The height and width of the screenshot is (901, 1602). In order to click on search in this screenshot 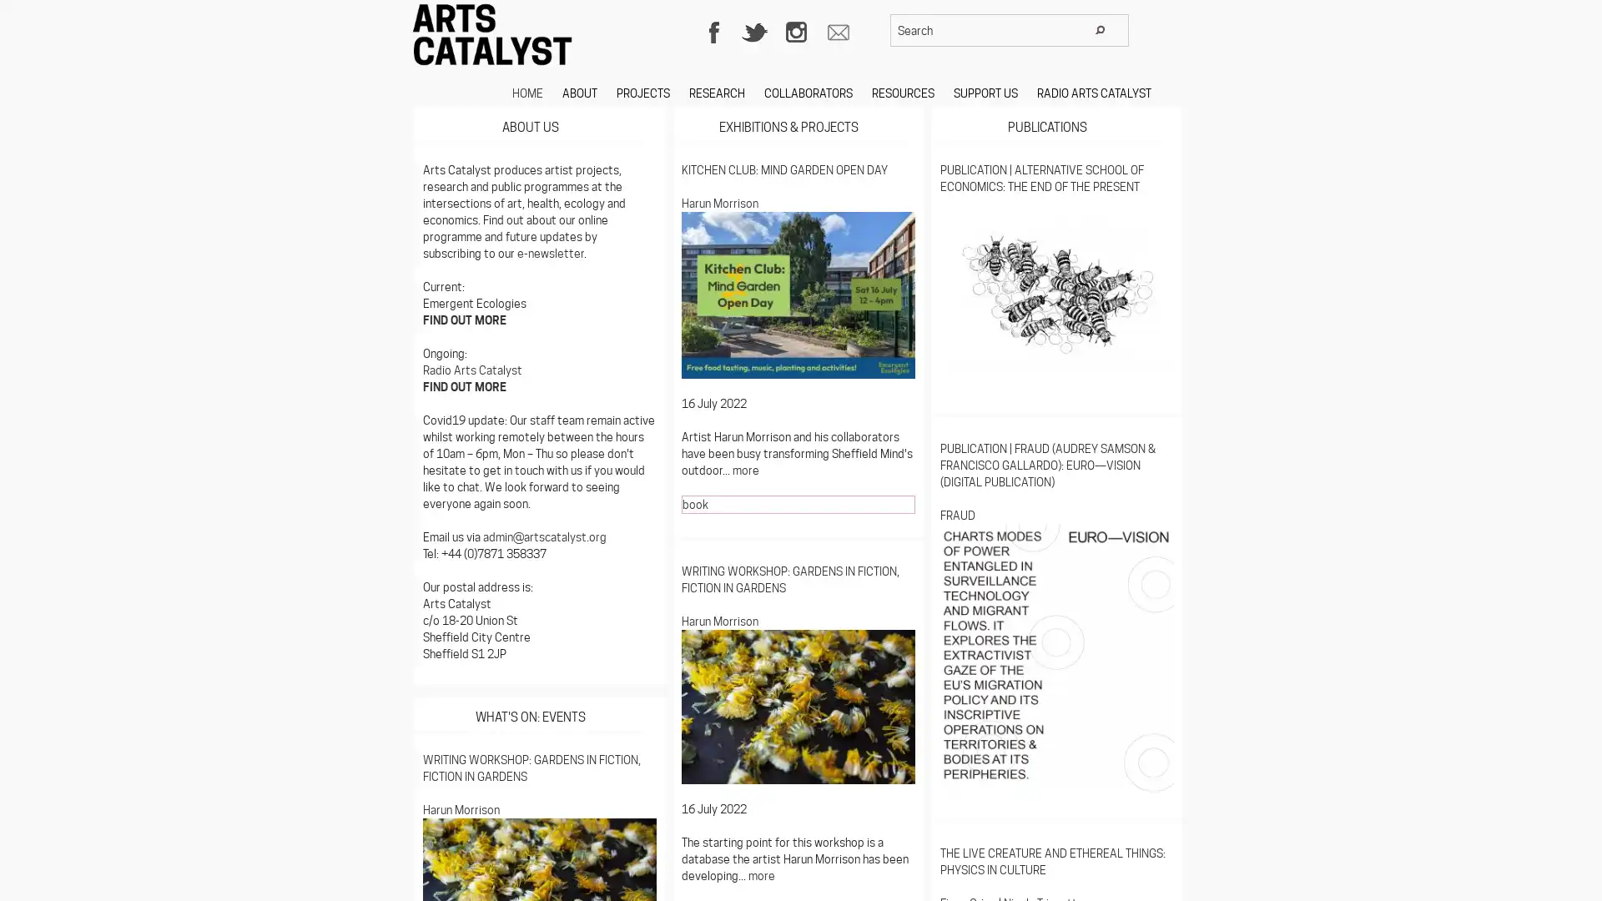, I will do `click(1100, 29)`.